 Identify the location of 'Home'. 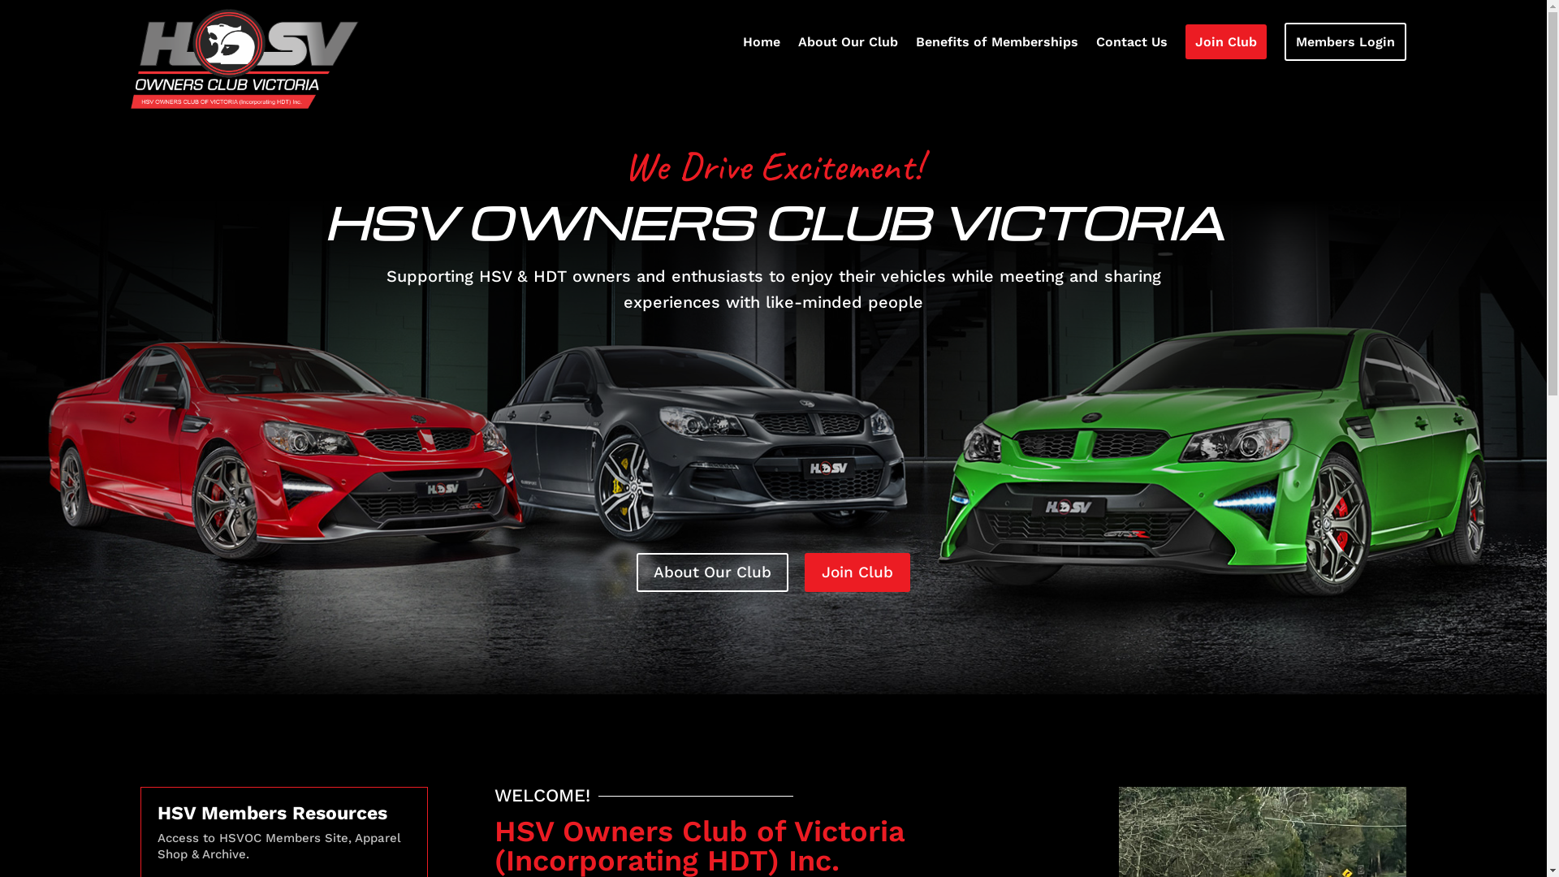
(760, 45).